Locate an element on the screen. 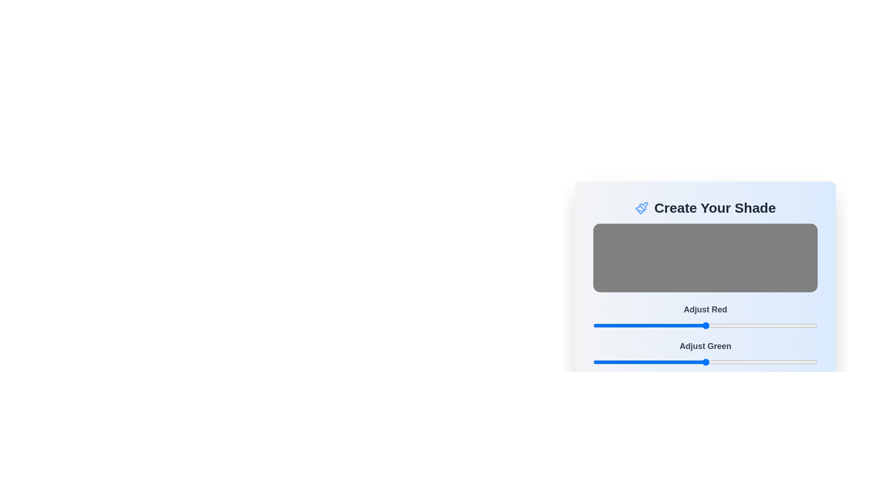 This screenshot has width=879, height=494. the green color slider to 82 is located at coordinates (665, 361).